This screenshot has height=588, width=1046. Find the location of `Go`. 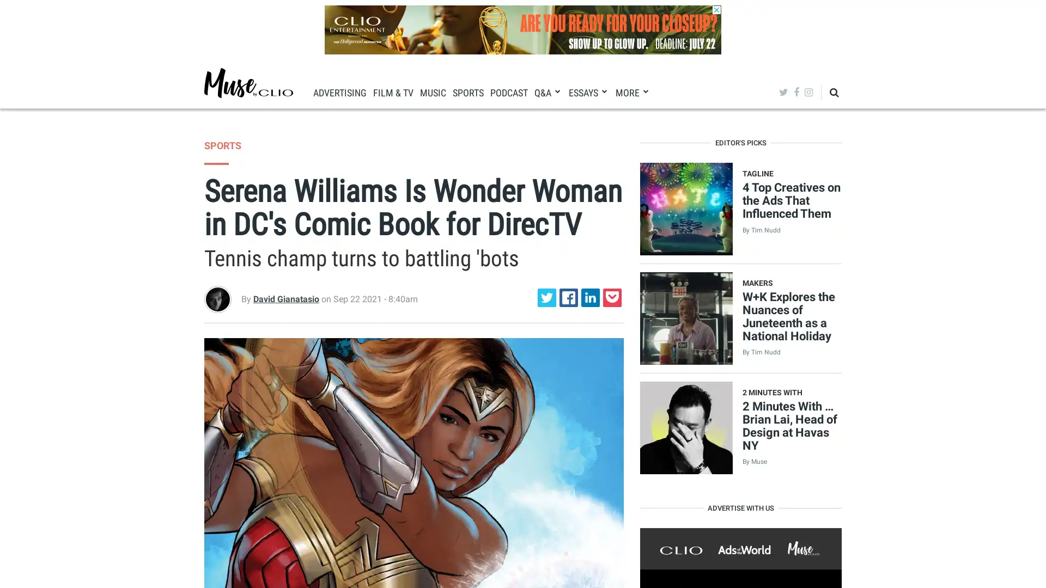

Go is located at coordinates (807, 125).